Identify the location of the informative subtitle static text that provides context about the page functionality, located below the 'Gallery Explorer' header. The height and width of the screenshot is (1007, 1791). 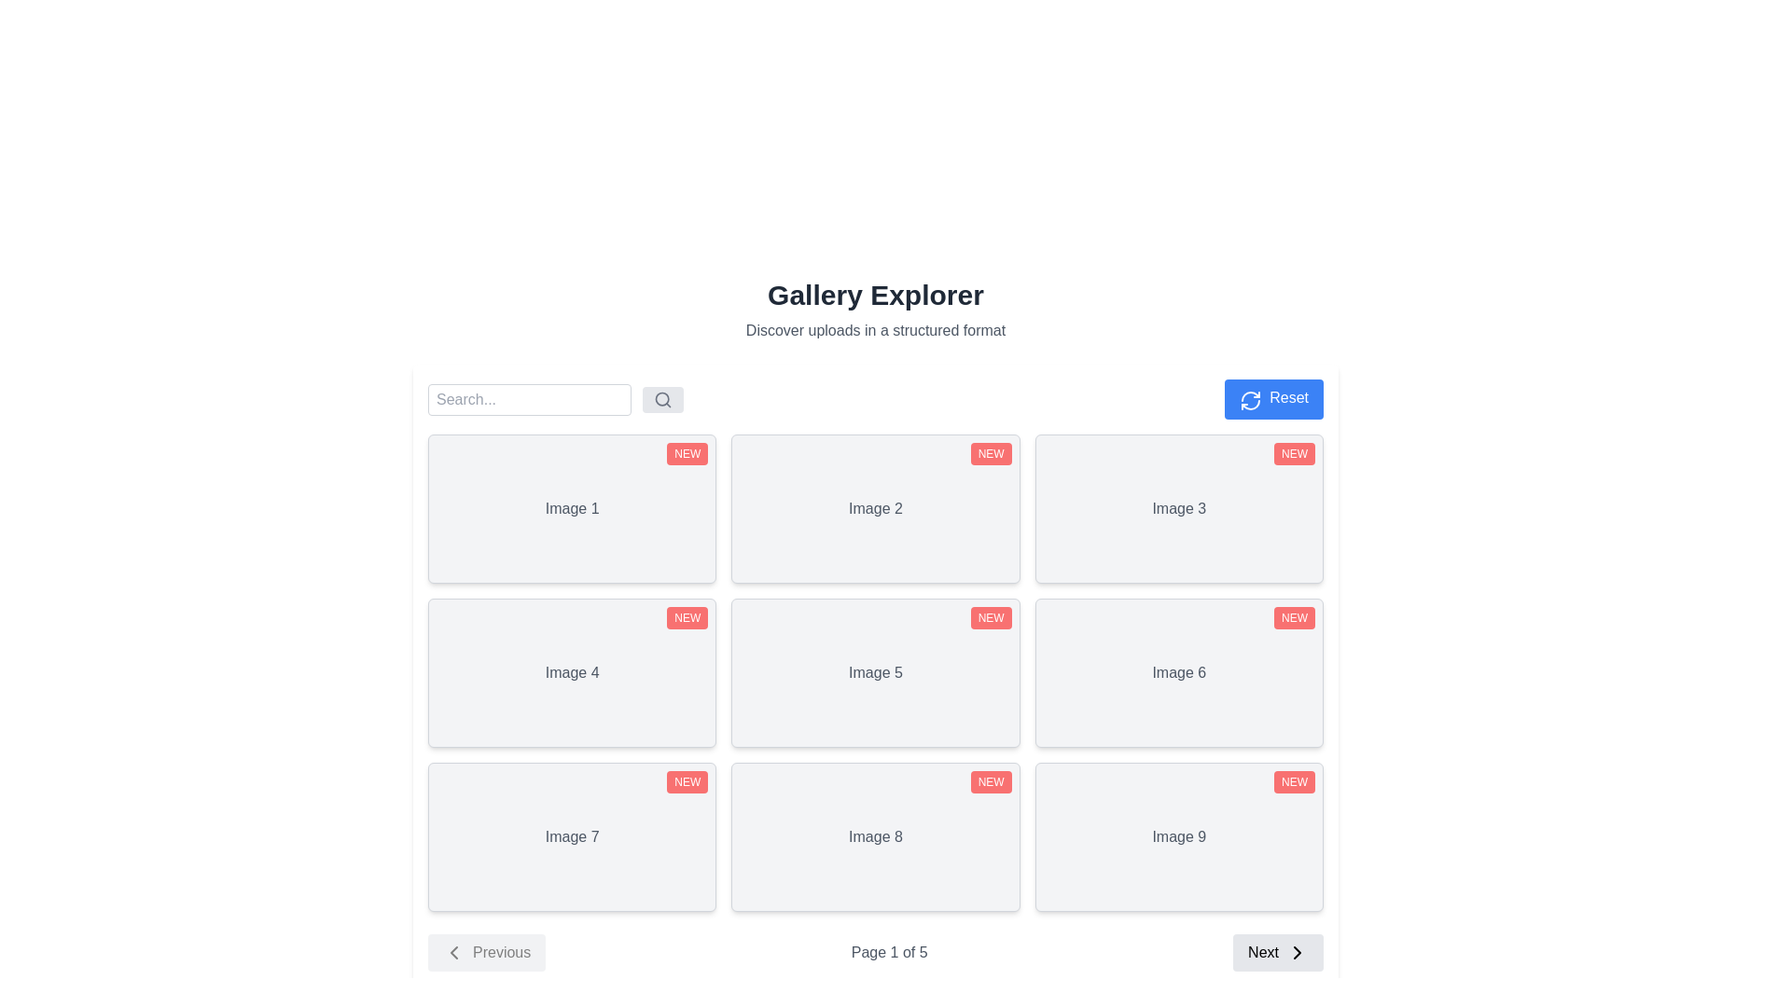
(875, 329).